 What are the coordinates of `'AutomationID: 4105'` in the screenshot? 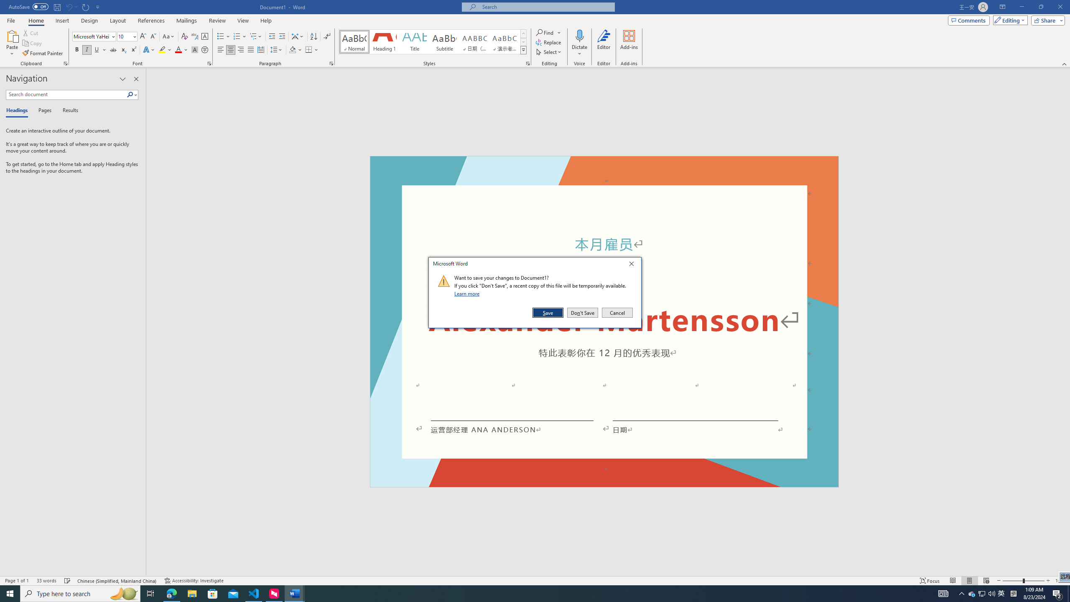 It's located at (943, 593).